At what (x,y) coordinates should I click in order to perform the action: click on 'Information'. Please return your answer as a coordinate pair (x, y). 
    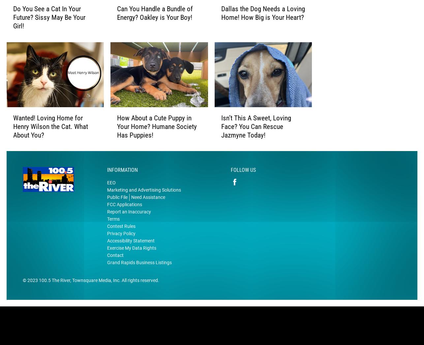
    Looking at the image, I should click on (122, 180).